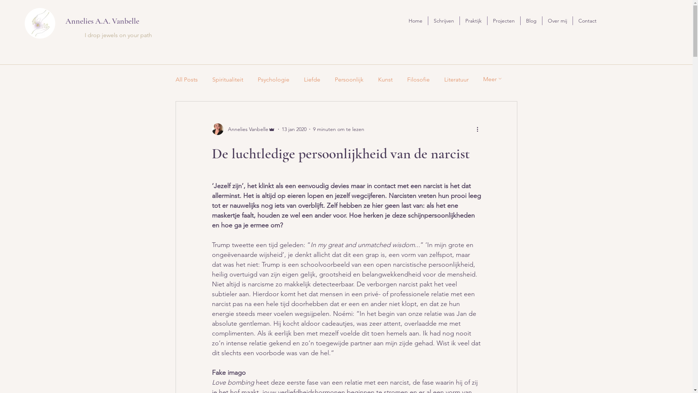 This screenshot has width=698, height=393. I want to click on 'Contact', so click(587, 20).